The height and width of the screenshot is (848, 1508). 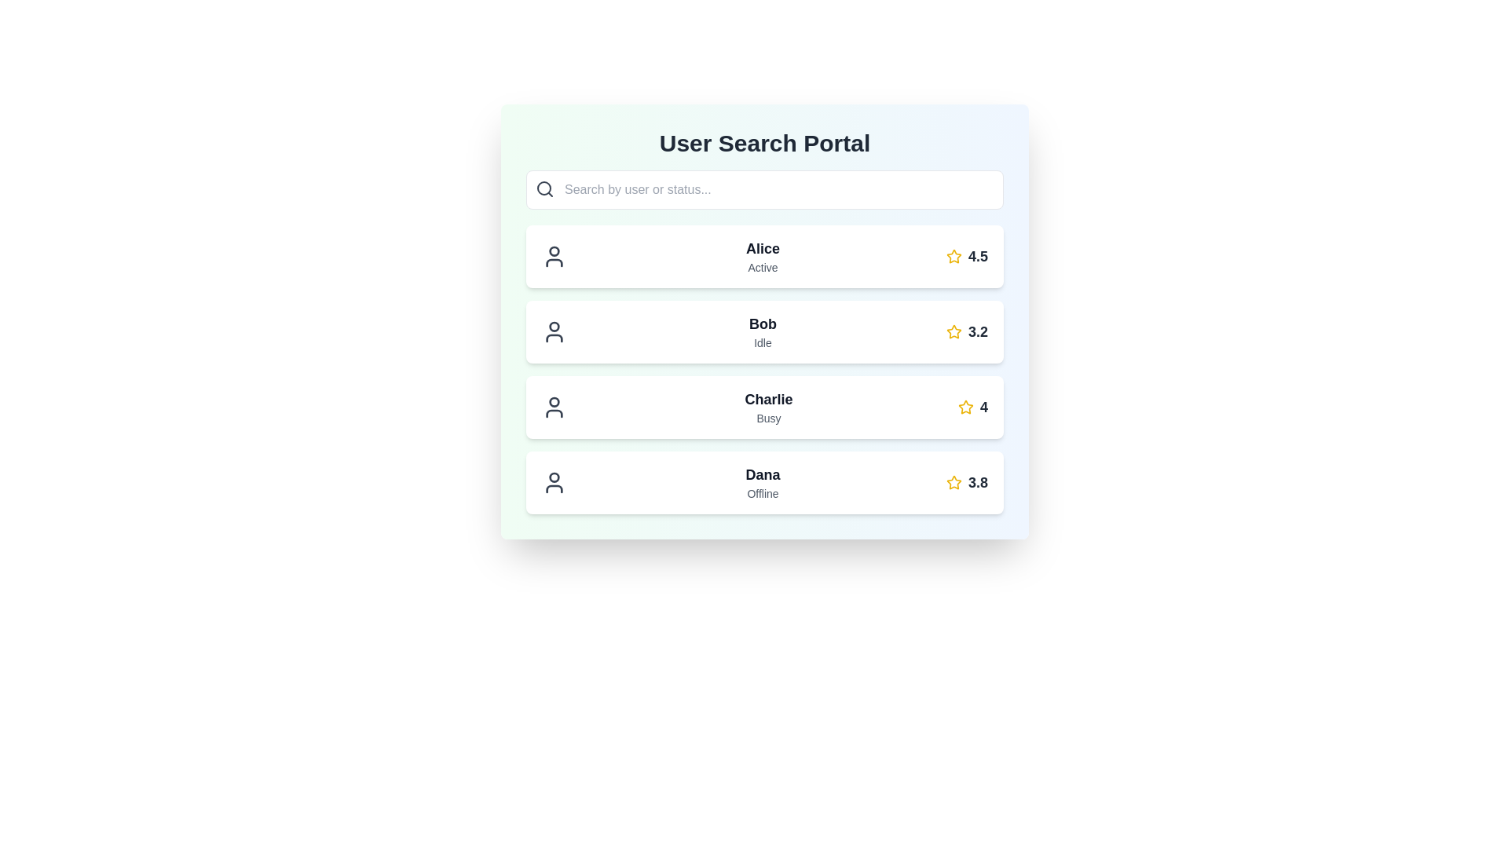 I want to click on the star icon representing a rating or favorite indicator for the user 'Charlie' in the third row of the list to interact with it, so click(x=964, y=407).